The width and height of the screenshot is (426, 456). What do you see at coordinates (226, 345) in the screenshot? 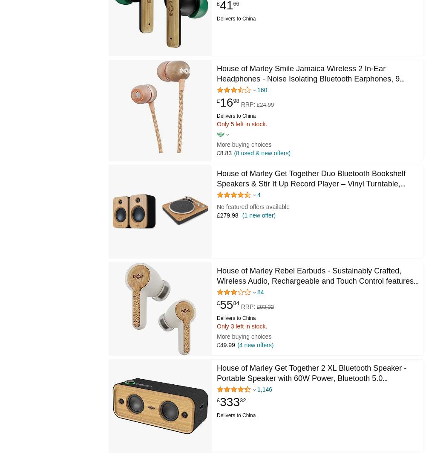
I see `'£49.99'` at bounding box center [226, 345].